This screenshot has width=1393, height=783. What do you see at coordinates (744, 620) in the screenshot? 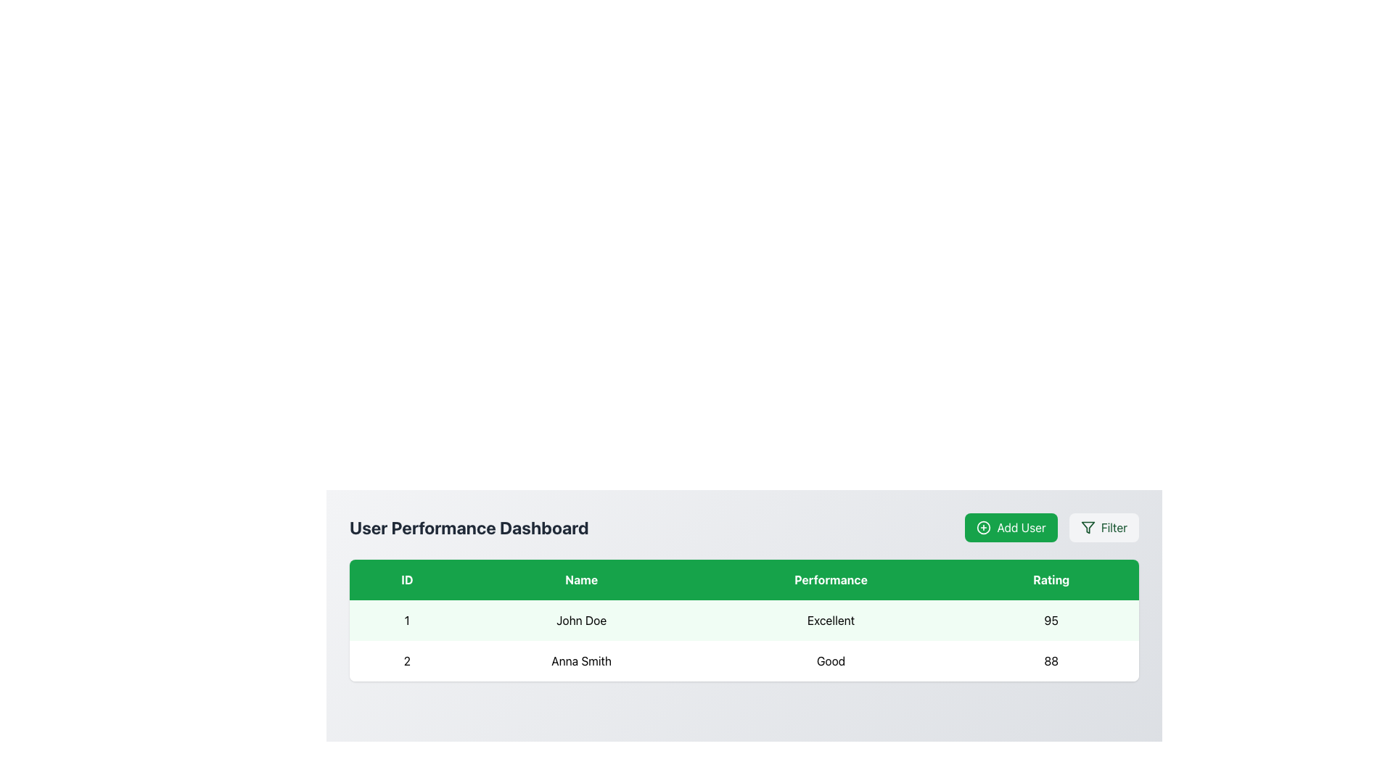
I see `the first data row displaying performance metrics for 'John Doe'` at bounding box center [744, 620].